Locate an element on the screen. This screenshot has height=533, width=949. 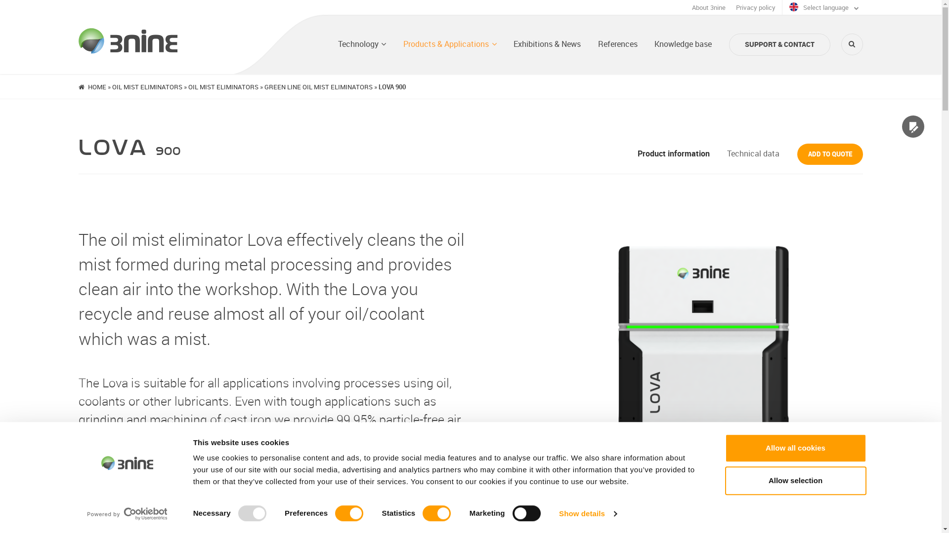
'About 3nine' is located at coordinates (708, 7).